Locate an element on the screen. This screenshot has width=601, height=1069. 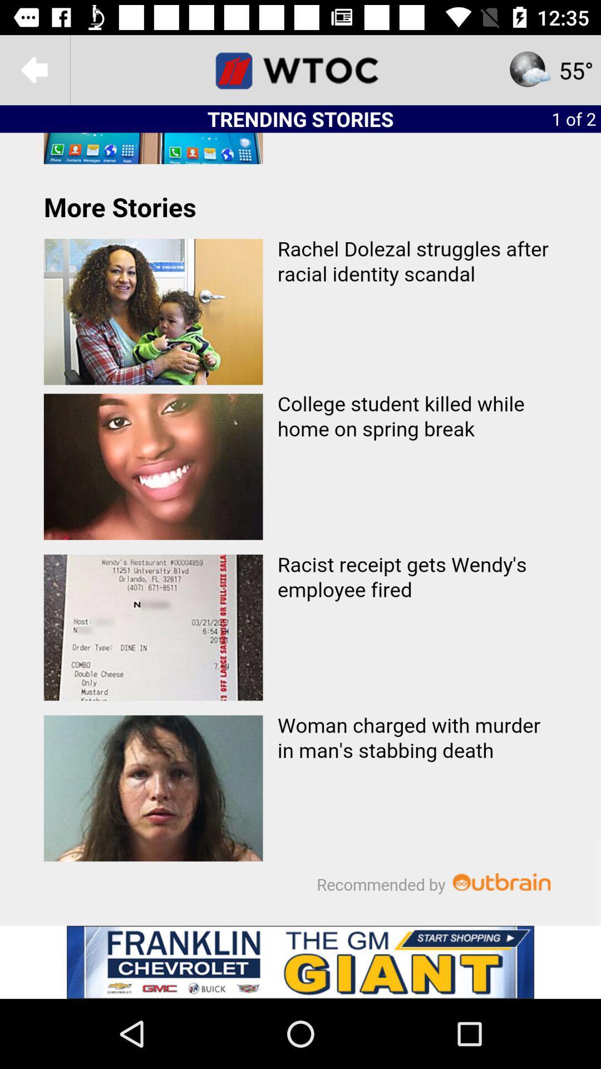
the arrow_backward icon is located at coordinates (34, 69).